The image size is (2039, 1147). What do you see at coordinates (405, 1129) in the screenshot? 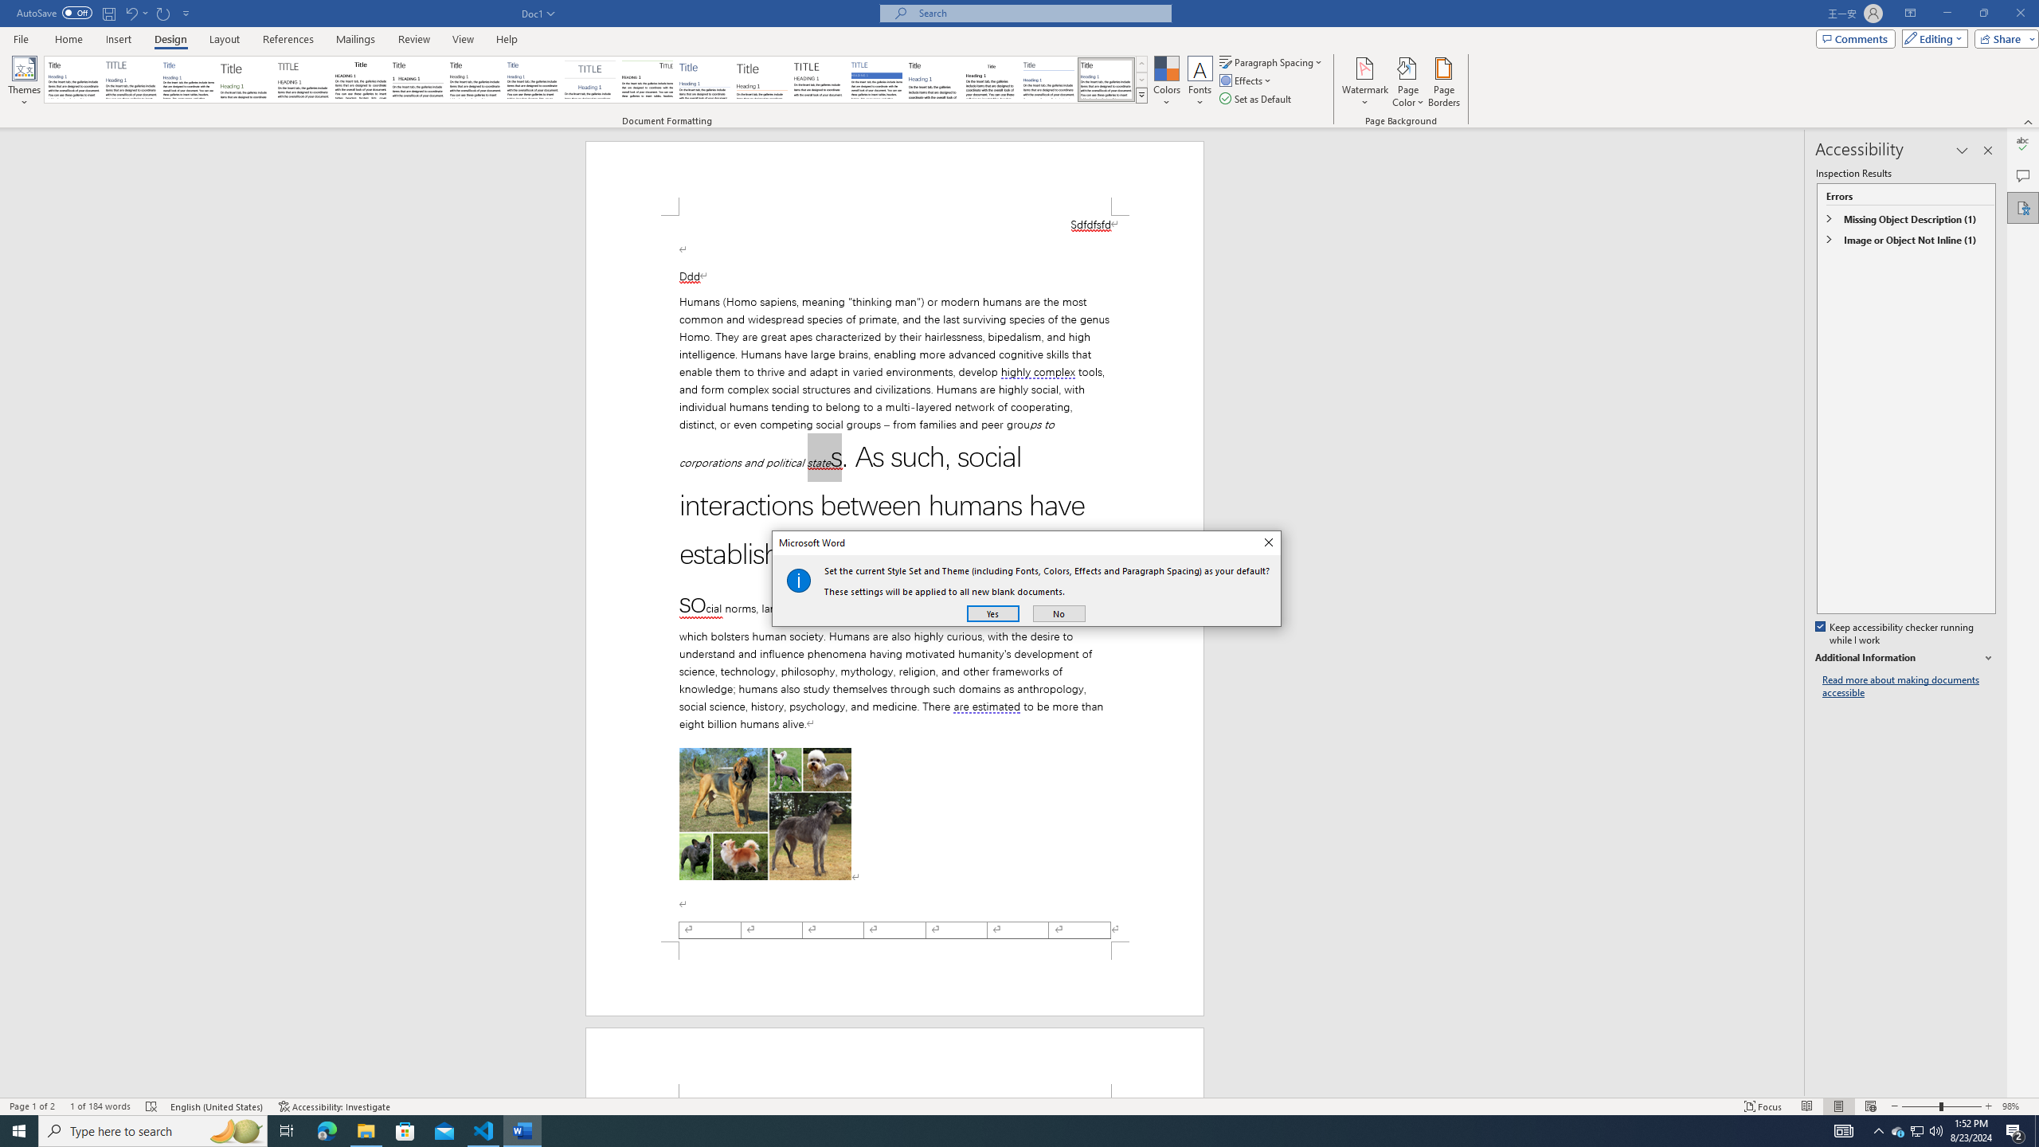
I see `'Microsoft Store'` at bounding box center [405, 1129].